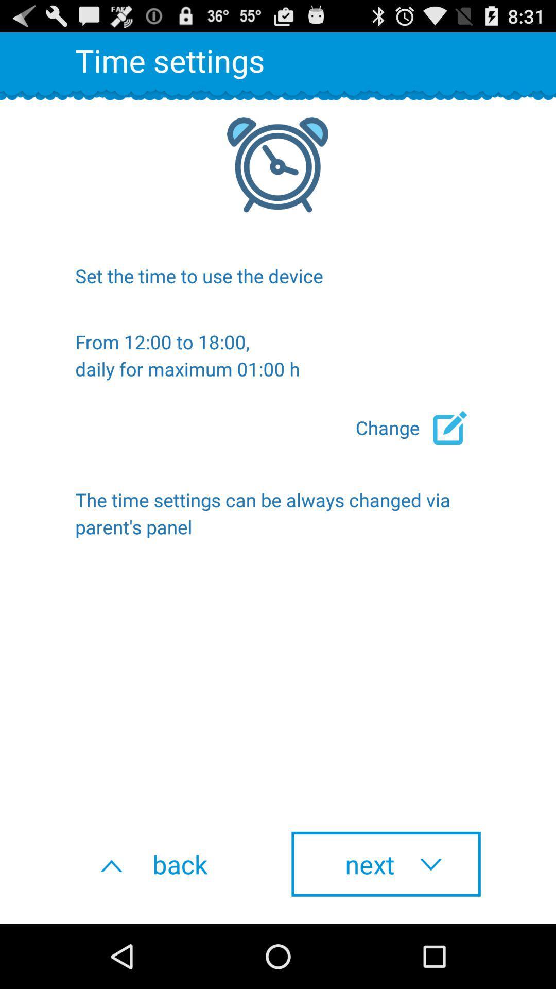 This screenshot has height=989, width=556. What do you see at coordinates (418, 428) in the screenshot?
I see `the item above the time settings item` at bounding box center [418, 428].